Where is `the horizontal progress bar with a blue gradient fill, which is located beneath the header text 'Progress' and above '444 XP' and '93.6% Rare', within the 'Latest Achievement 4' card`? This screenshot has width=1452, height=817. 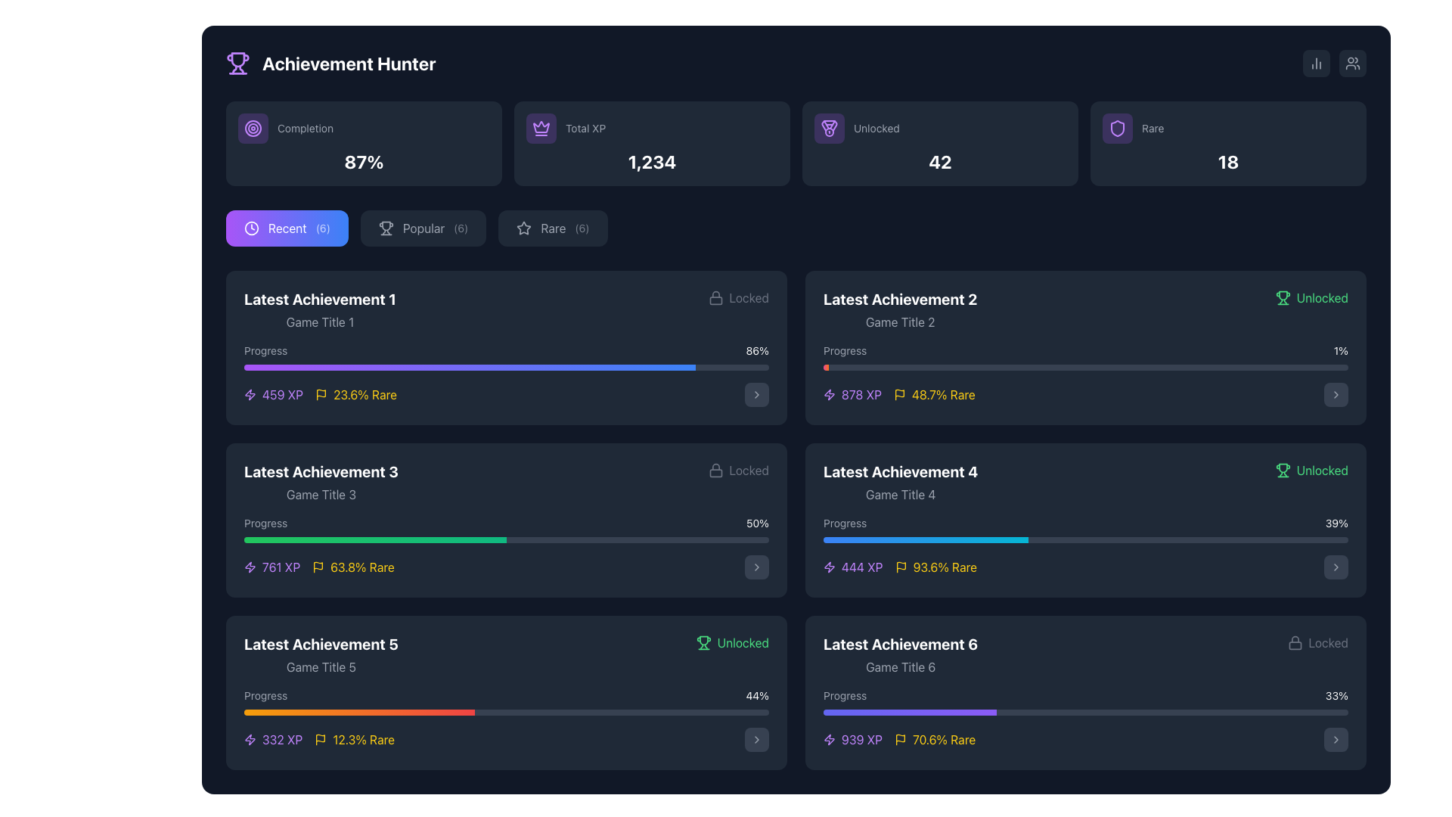
the horizontal progress bar with a blue gradient fill, which is located beneath the header text 'Progress' and above '444 XP' and '93.6% Rare', within the 'Latest Achievement 4' card is located at coordinates (1084, 548).